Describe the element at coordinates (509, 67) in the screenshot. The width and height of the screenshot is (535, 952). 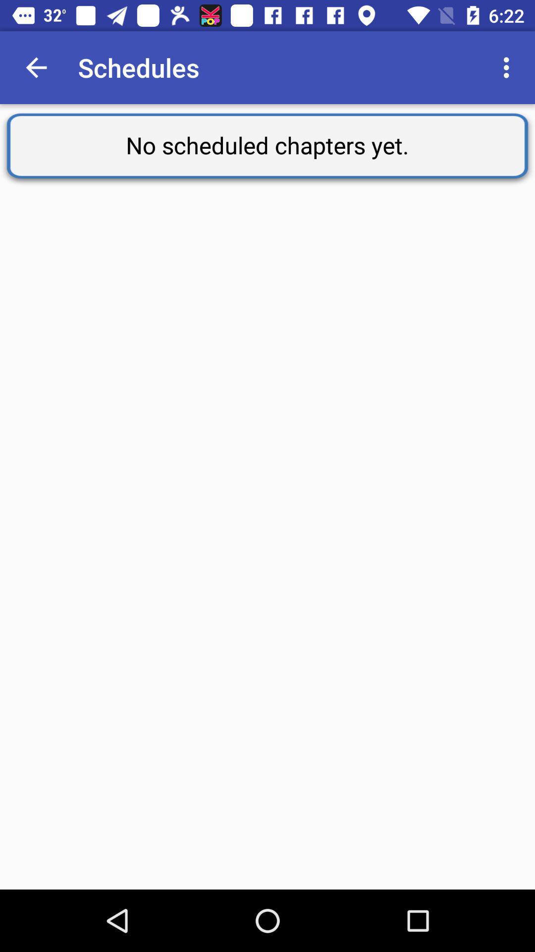
I see `the icon next to the schedules app` at that location.